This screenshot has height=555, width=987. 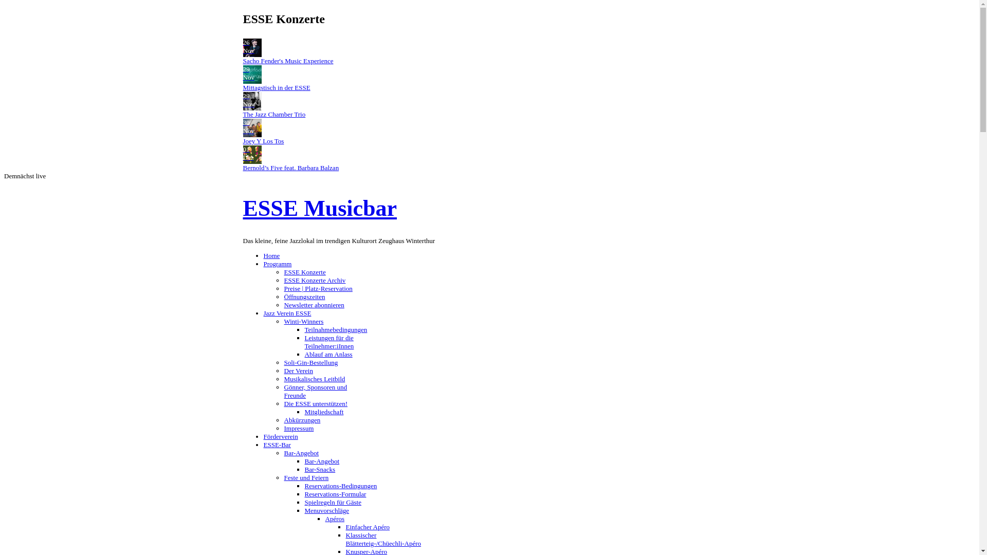 I want to click on 'Bar-Angebot', so click(x=321, y=460).